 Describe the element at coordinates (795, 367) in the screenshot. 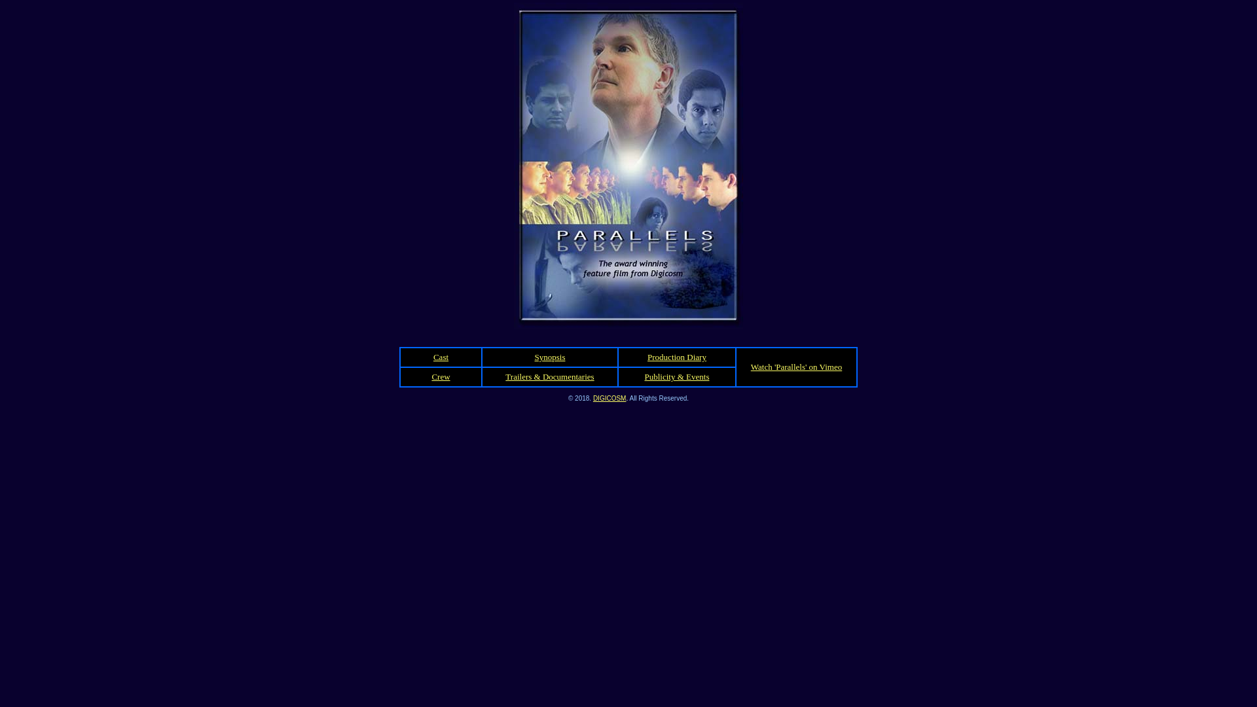

I see `'Watch 'Parallels' on Vimeo'` at that location.